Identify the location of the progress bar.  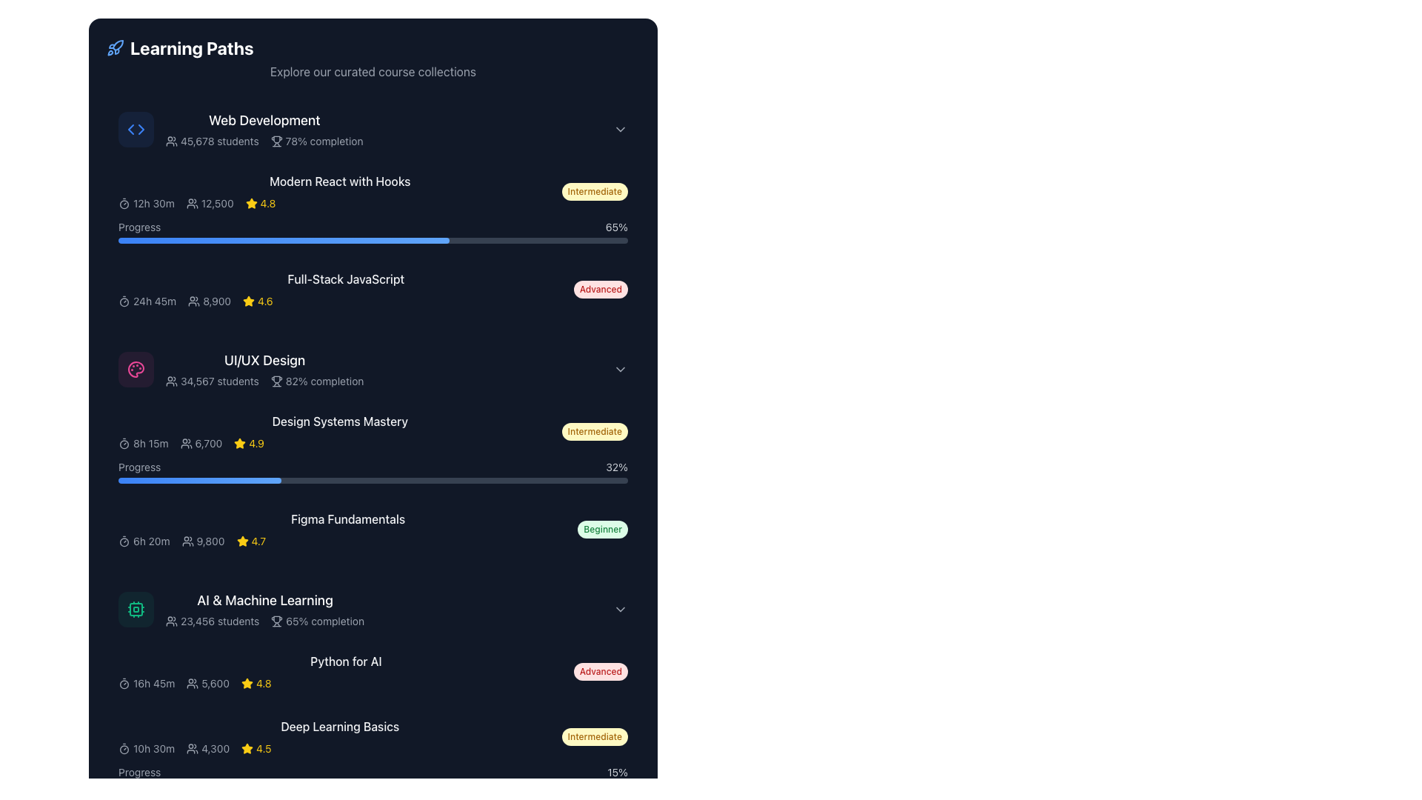
(414, 239).